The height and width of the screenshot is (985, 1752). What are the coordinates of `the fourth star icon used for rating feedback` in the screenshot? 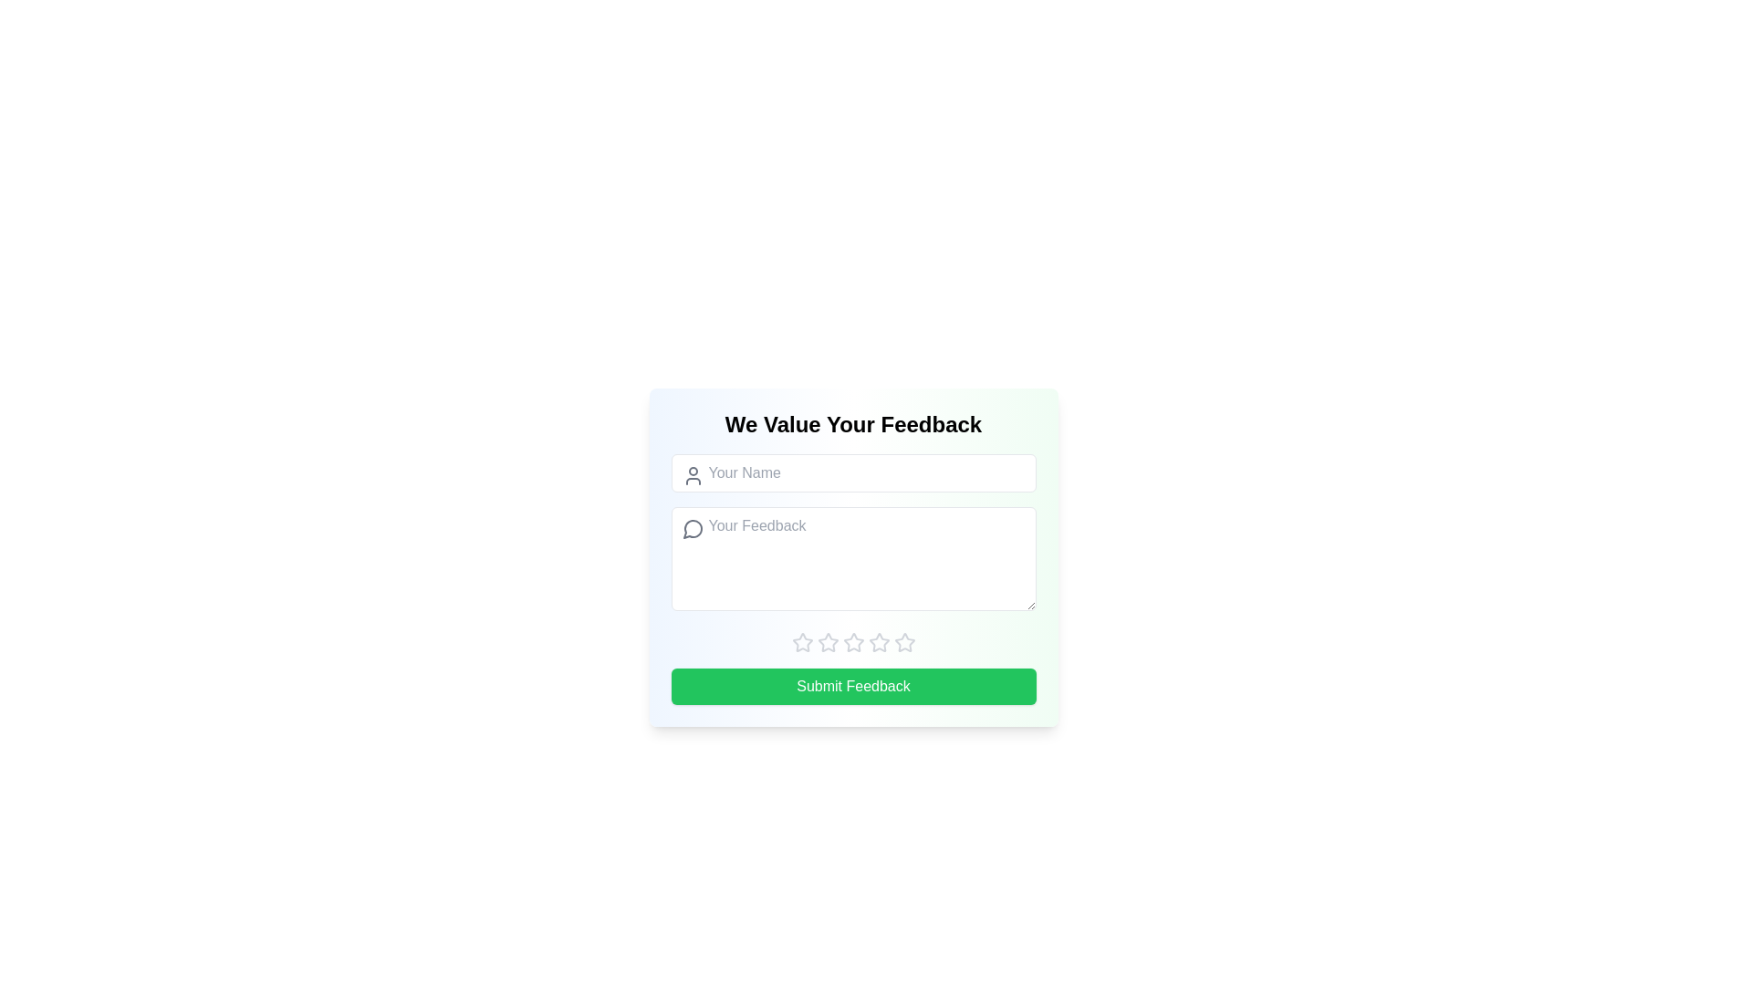 It's located at (904, 641).